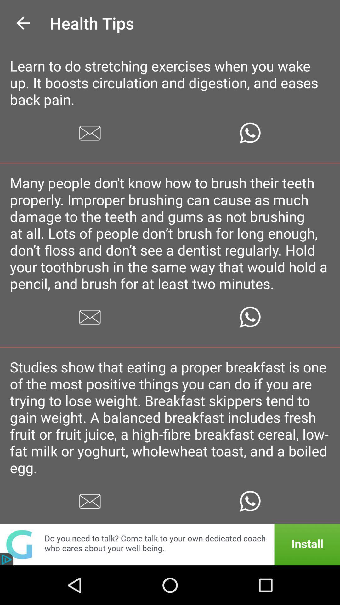 This screenshot has height=605, width=340. What do you see at coordinates (170, 233) in the screenshot?
I see `the many people don icon` at bounding box center [170, 233].